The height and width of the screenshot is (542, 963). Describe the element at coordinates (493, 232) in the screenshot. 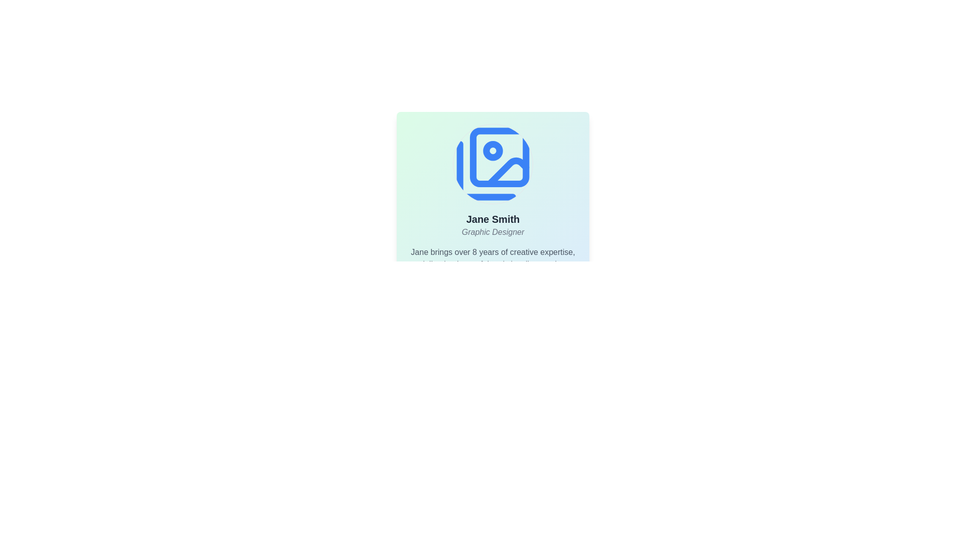

I see `text label displaying 'Graphic Designer', which is styled in gray, italicized font and positioned centrally below 'Jane Smith' in the card layout` at that location.